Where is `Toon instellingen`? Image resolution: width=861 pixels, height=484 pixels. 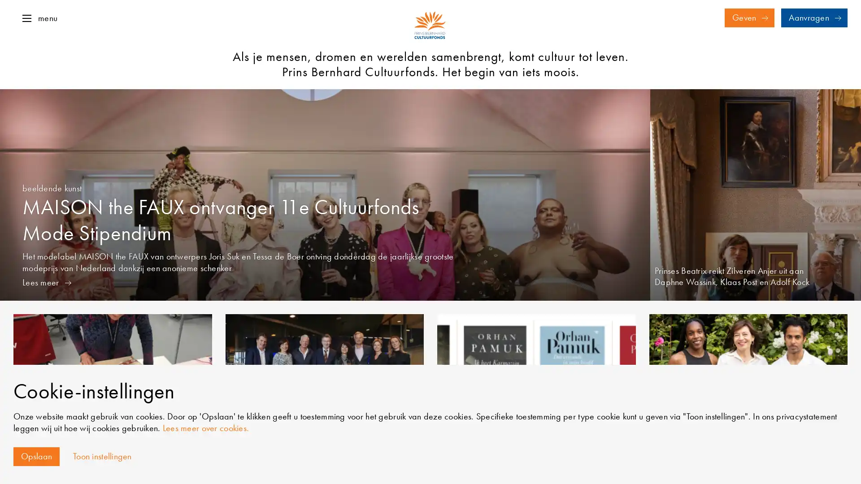 Toon instellingen is located at coordinates (95, 456).